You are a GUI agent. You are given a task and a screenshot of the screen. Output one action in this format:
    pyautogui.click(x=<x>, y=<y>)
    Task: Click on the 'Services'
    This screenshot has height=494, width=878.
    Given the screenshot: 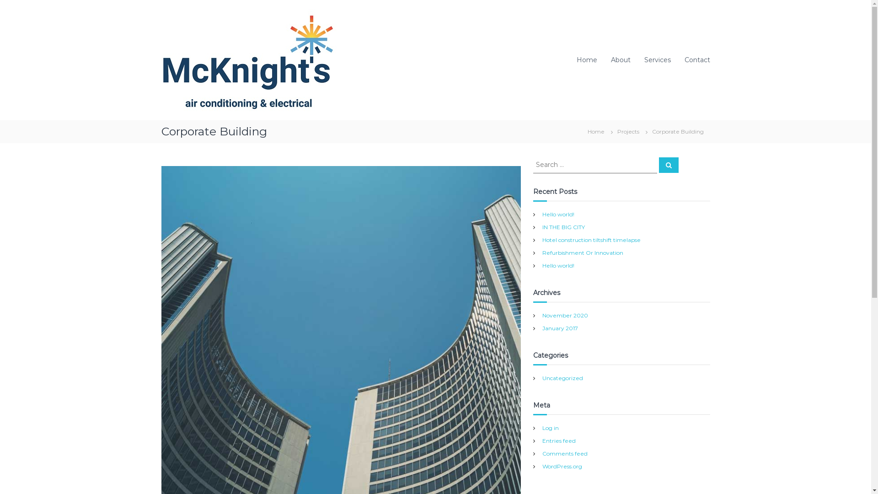 What is the action you would take?
    pyautogui.click(x=656, y=60)
    